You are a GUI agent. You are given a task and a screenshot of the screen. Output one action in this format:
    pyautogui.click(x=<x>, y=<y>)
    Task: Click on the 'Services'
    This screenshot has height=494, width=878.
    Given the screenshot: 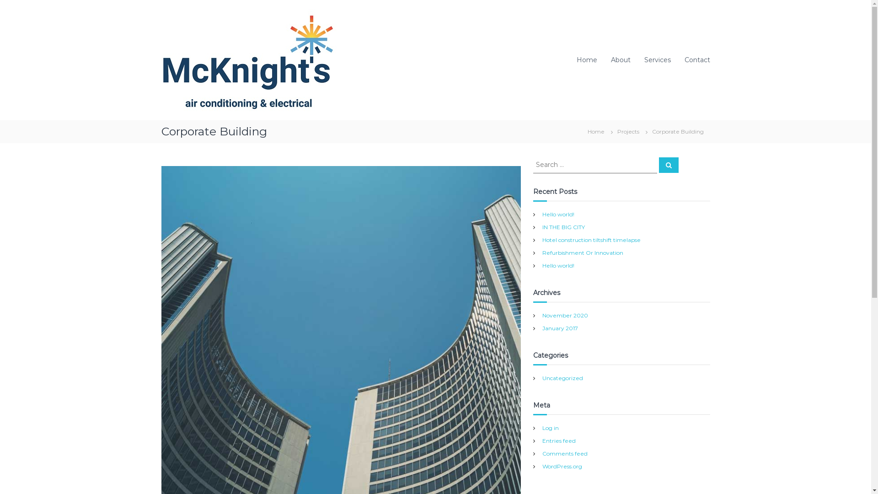 What is the action you would take?
    pyautogui.click(x=656, y=60)
    